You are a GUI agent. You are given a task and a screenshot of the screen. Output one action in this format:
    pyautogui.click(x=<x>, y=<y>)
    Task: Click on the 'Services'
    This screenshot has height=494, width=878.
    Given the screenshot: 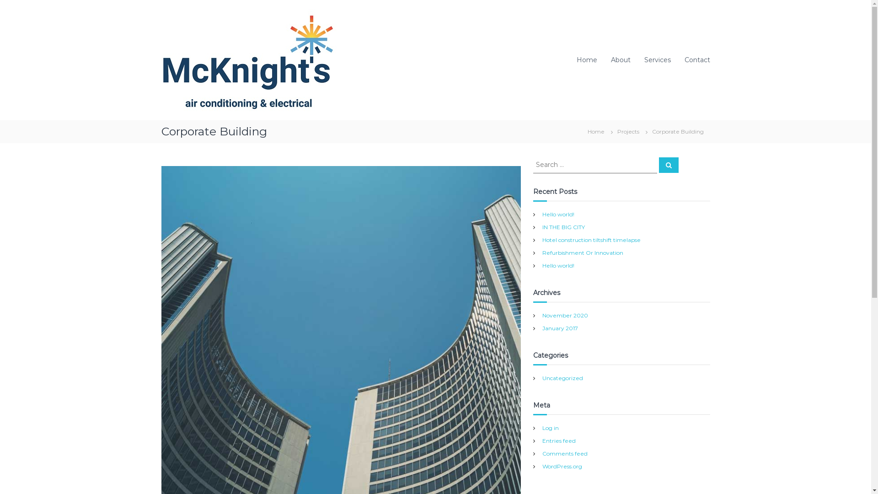 What is the action you would take?
    pyautogui.click(x=656, y=60)
    